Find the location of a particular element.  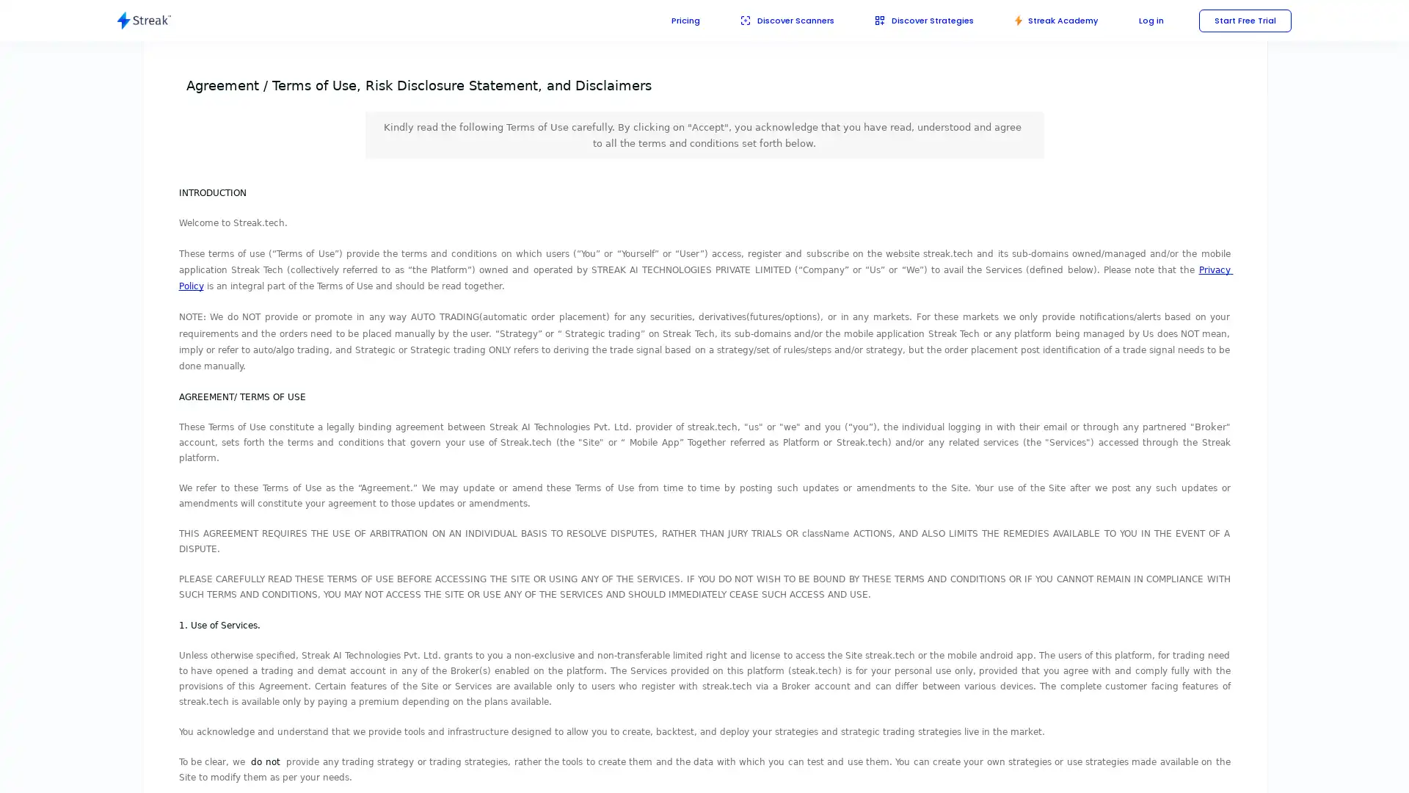

Start Free Trial is located at coordinates (1242, 20).